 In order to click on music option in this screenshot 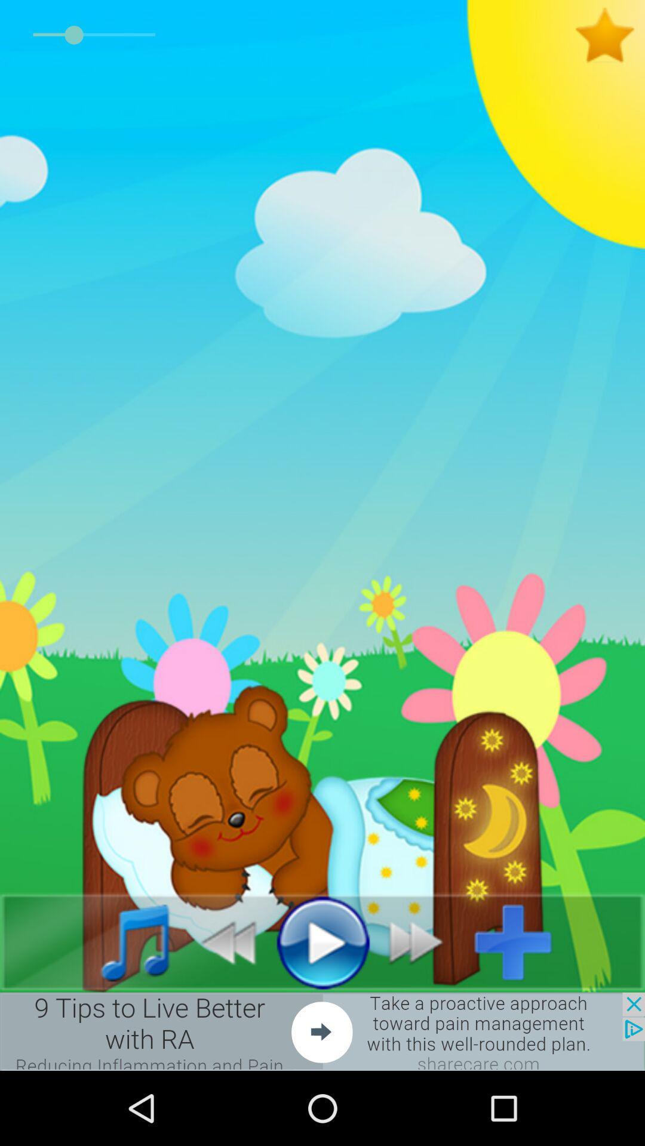, I will do `click(122, 941)`.